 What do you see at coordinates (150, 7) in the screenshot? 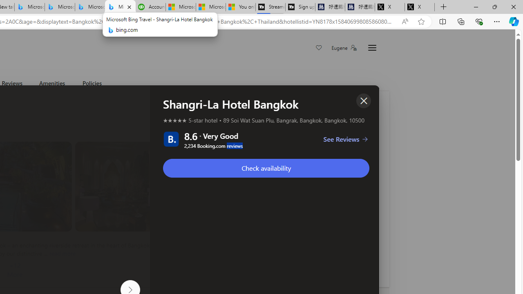
I see `'Accounting Software for Accountants, CPAs and Bookkeepers'` at bounding box center [150, 7].